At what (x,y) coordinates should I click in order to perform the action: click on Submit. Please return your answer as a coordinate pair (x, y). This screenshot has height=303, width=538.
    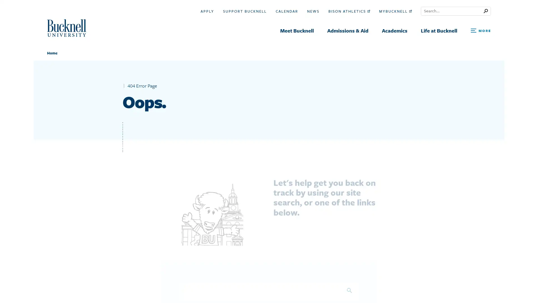
    Looking at the image, I should click on (487, 11).